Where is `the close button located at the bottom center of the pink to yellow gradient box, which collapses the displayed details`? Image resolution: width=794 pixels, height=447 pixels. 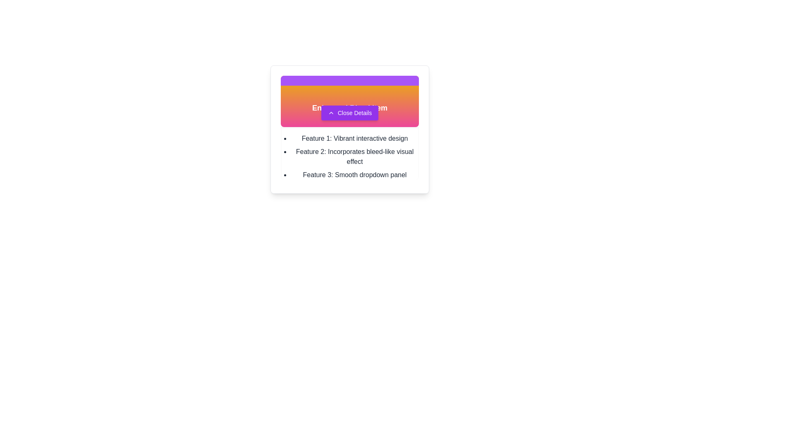
the close button located at the bottom center of the pink to yellow gradient box, which collapses the displayed details is located at coordinates (349, 113).